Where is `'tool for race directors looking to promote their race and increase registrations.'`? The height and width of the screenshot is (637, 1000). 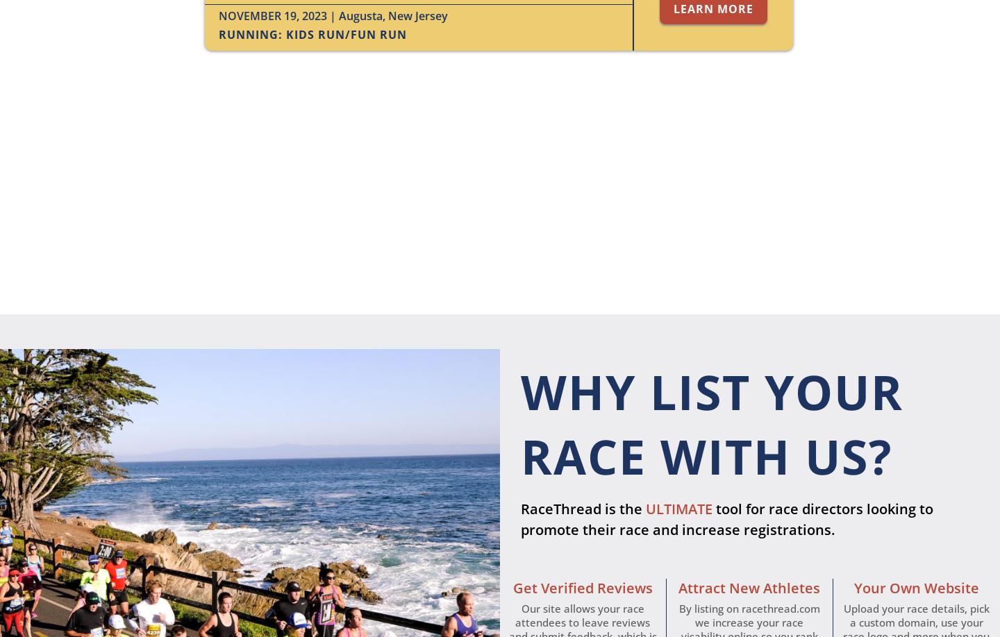 'tool for race directors looking to promote their race and increase registrations.' is located at coordinates (519, 518).